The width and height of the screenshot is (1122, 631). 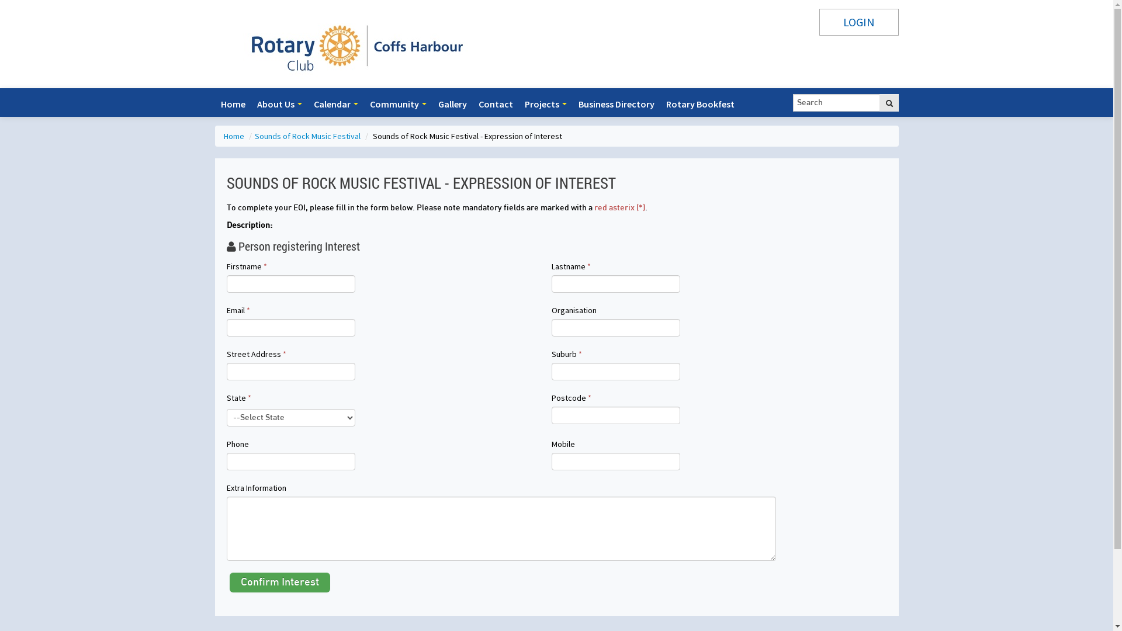 I want to click on 'Gallery', so click(x=452, y=103).